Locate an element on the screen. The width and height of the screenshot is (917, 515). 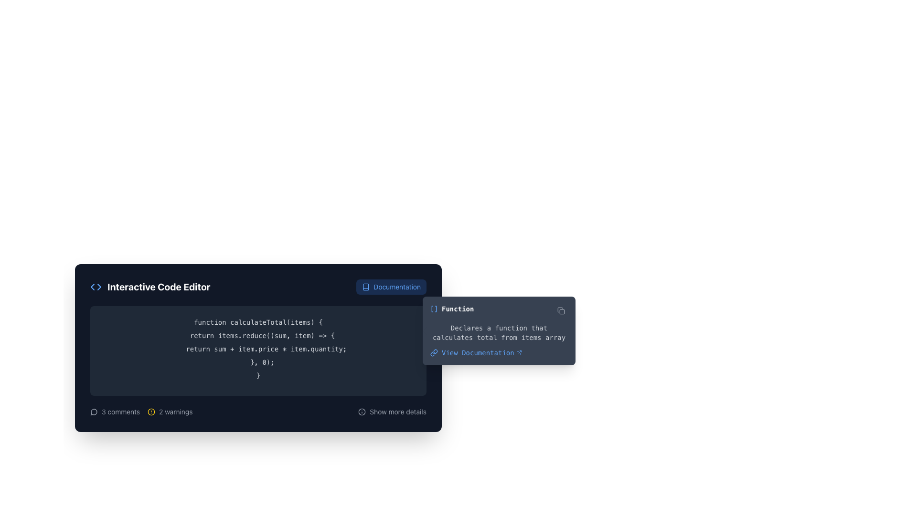
text label that displays the count of warnings associated with the adjacent code block, located at the lower part of the interactive code editor area, to understand the warnings count is located at coordinates (176, 412).